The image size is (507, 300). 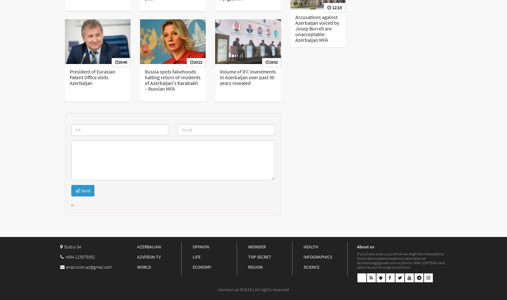 I want to click on 'About us', so click(x=365, y=246).